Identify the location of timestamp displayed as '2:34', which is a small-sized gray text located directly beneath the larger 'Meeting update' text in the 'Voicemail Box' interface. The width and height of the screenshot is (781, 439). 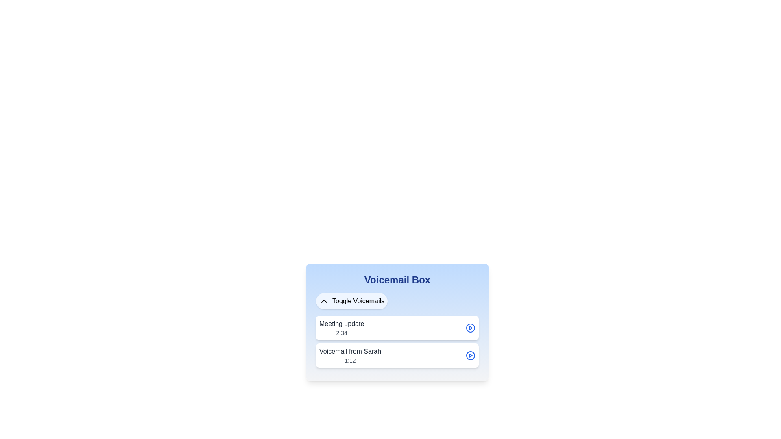
(342, 333).